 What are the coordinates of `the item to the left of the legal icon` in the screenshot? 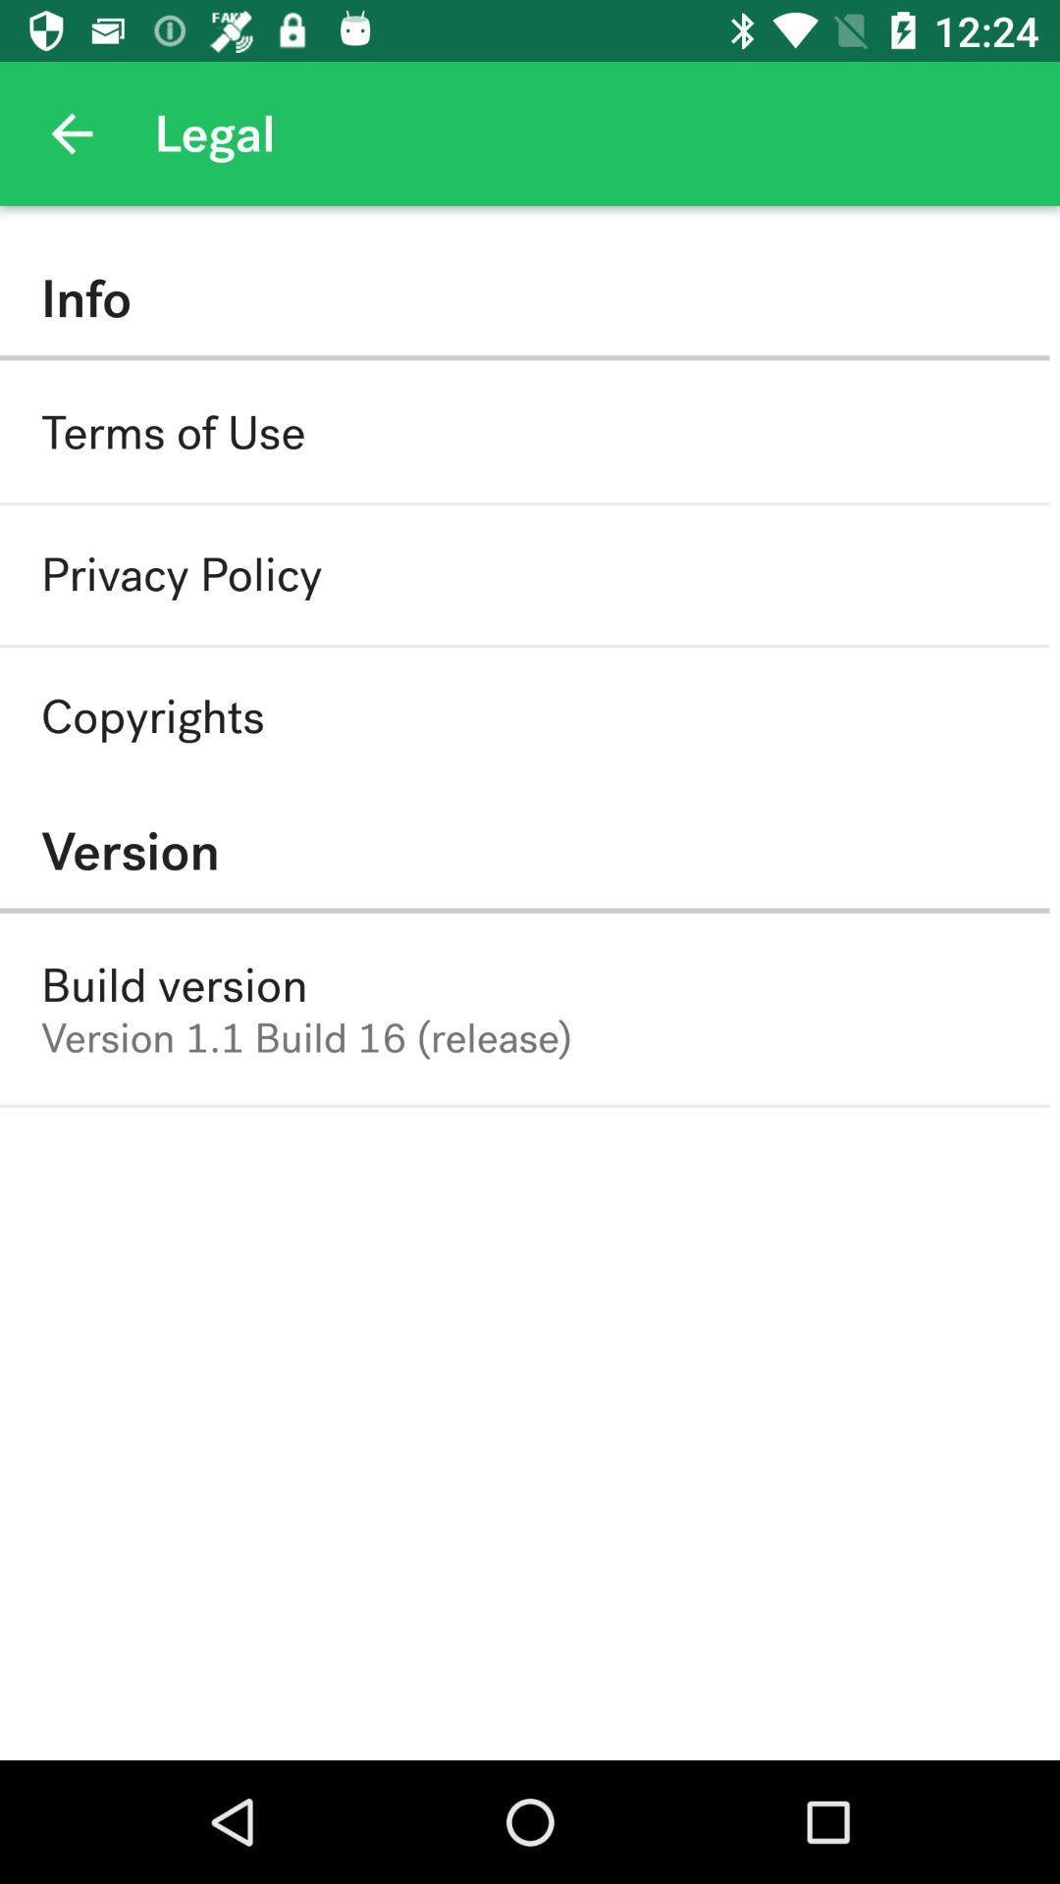 It's located at (71, 132).